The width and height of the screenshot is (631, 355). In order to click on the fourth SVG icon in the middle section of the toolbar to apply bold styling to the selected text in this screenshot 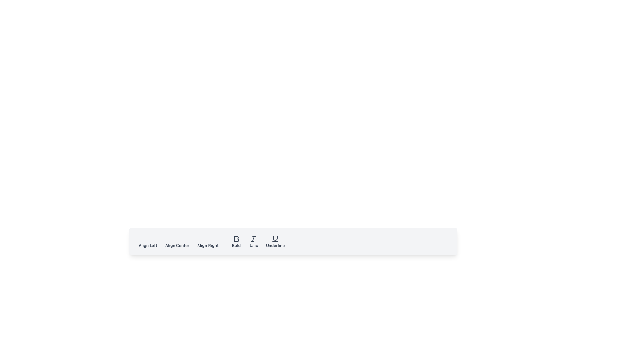, I will do `click(236, 239)`.